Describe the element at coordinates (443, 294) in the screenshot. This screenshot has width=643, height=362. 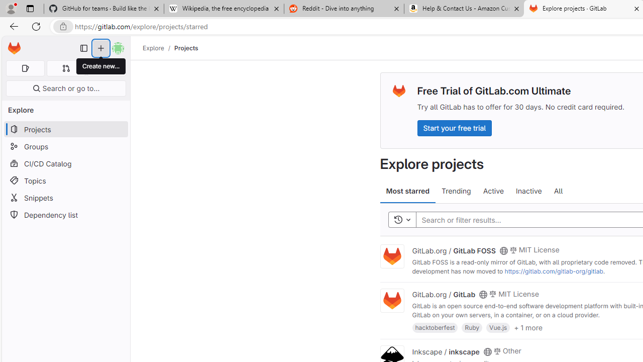
I see `'GitLab.org / GitLab'` at that location.